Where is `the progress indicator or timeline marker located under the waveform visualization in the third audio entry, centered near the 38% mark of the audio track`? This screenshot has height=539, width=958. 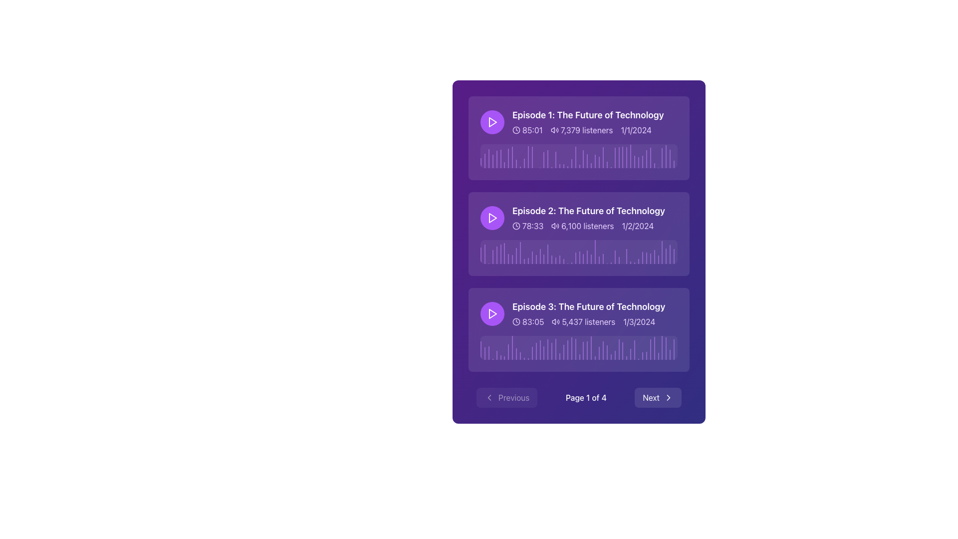 the progress indicator or timeline marker located under the waveform visualization in the third audio entry, centered near the 38% mark of the audio track is located at coordinates (555, 348).